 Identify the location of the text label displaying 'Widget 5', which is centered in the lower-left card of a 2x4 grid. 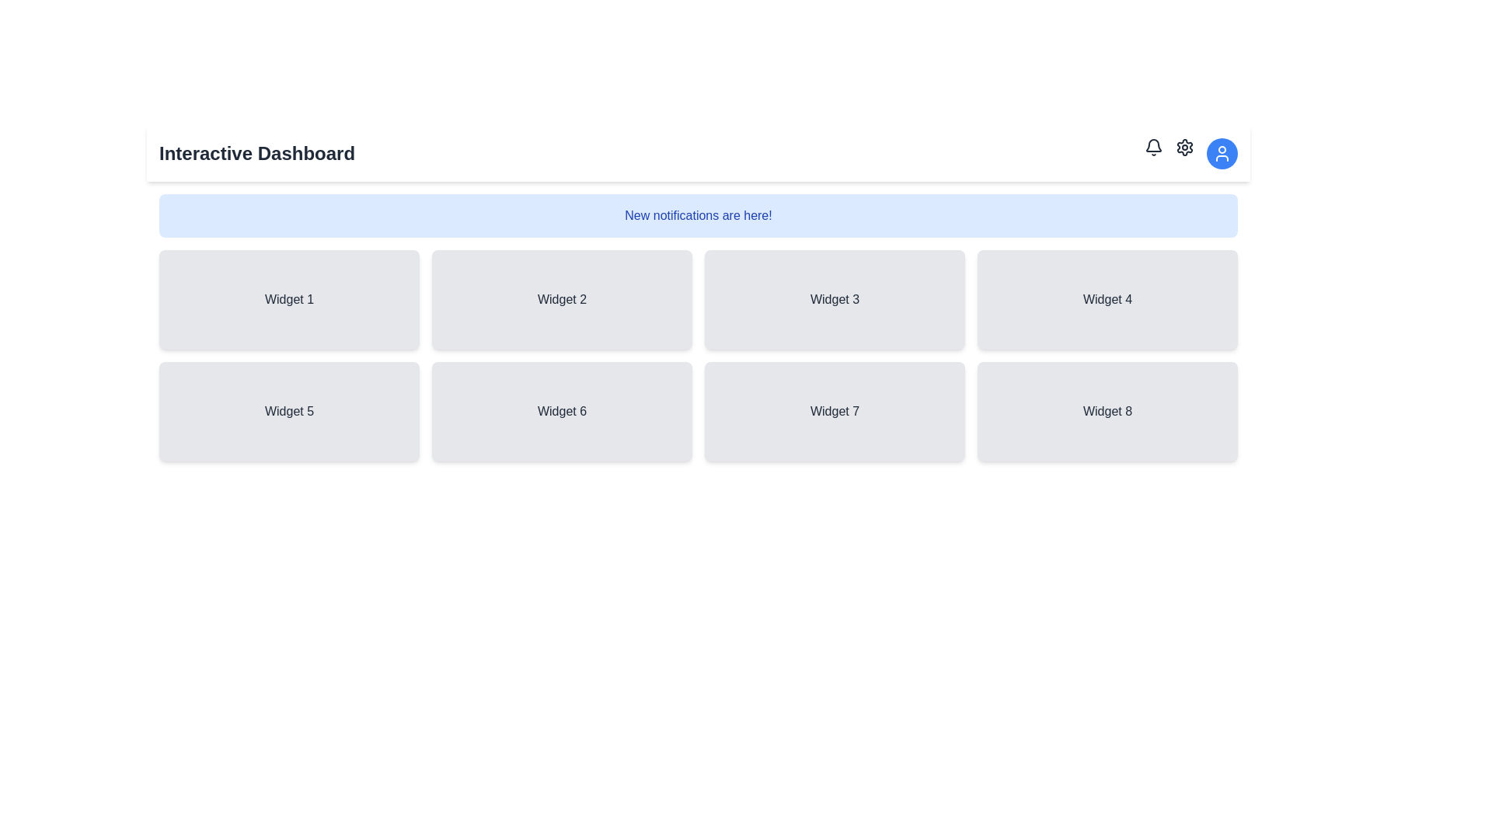
(289, 410).